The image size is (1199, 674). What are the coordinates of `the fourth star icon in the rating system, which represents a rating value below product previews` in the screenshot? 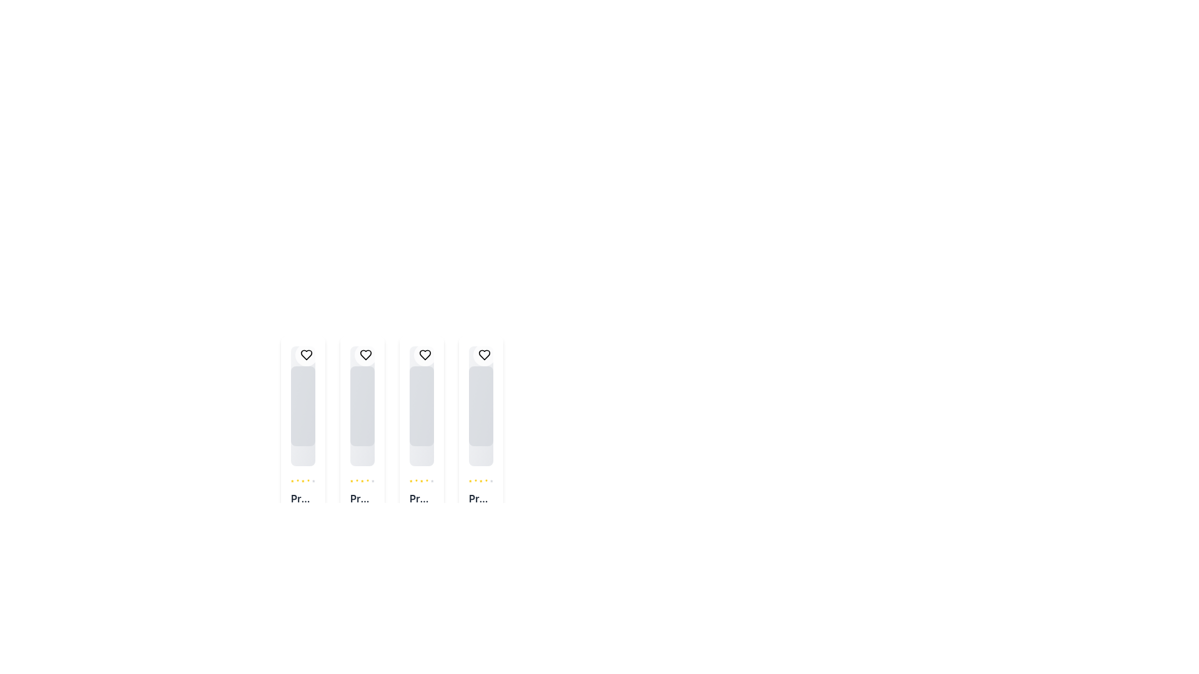 It's located at (362, 481).